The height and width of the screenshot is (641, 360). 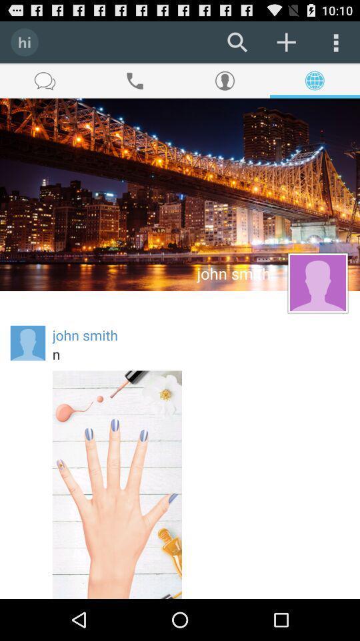 What do you see at coordinates (200, 353) in the screenshot?
I see `the item below the john smith icon` at bounding box center [200, 353].